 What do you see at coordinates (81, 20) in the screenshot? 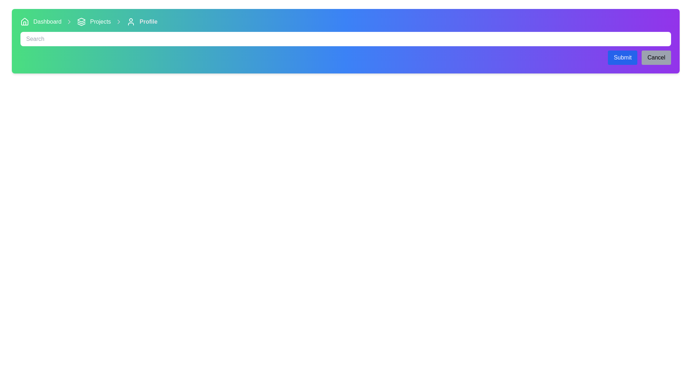
I see `the first stacked layer of the decorative icon located in the header, adjacent to the text 'Projects'` at bounding box center [81, 20].